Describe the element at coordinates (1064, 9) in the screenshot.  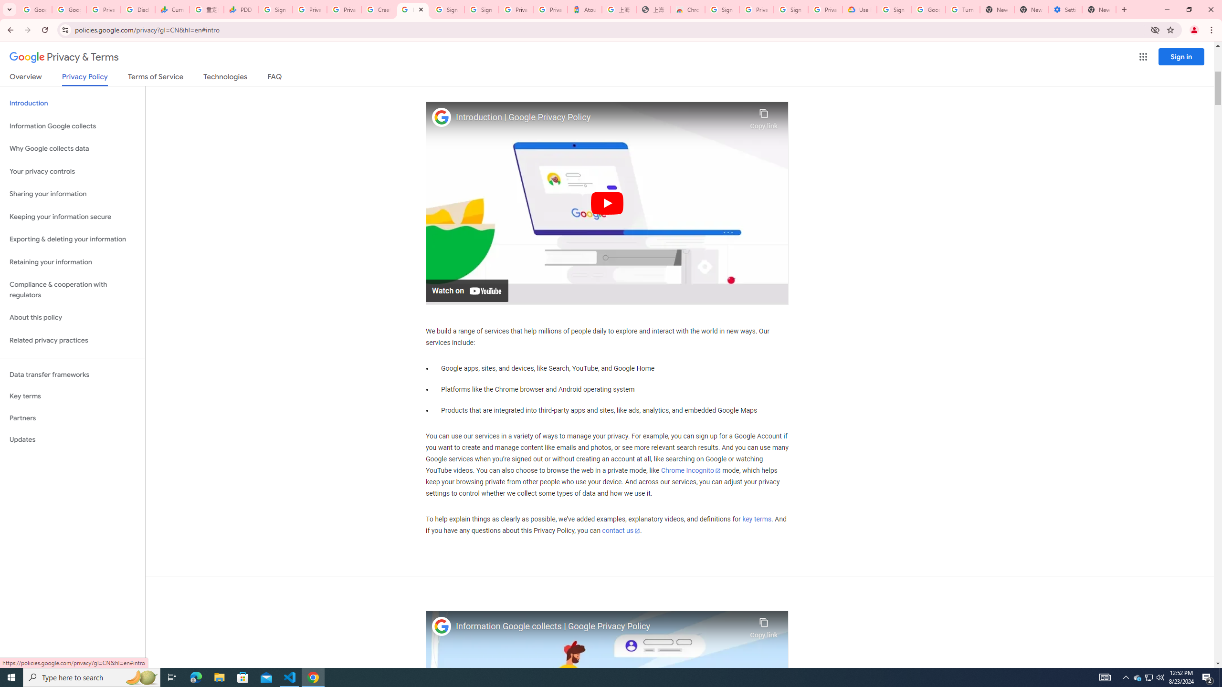
I see `'Settings - System'` at that location.